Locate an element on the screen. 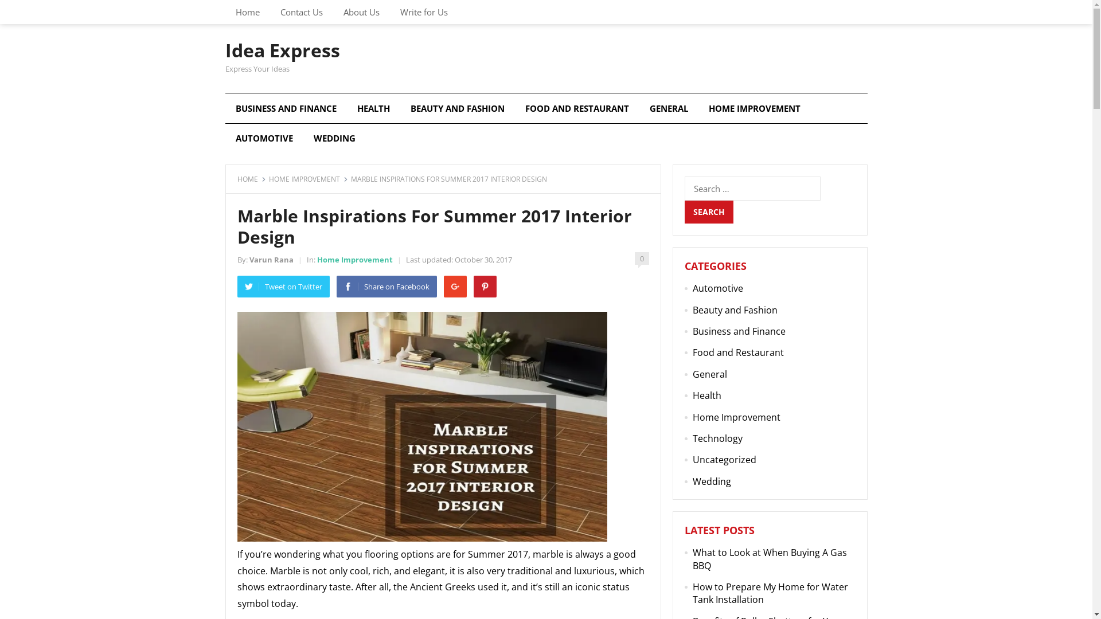 This screenshot has height=619, width=1101. 'Share on Facebook' is located at coordinates (386, 286).